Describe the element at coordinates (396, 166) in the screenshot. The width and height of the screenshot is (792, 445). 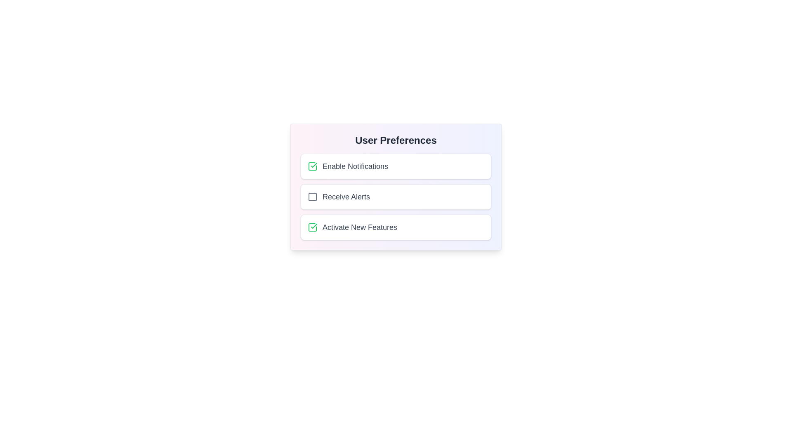
I see `the Checkbox labeled 'Enable Notifications' at the top of the User Preferences list using keyboard focus` at that location.